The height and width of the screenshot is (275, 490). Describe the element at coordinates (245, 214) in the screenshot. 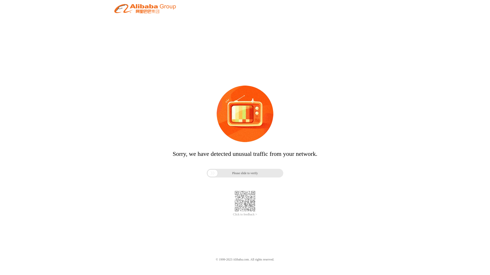

I see `'Click to feedback >'` at that location.